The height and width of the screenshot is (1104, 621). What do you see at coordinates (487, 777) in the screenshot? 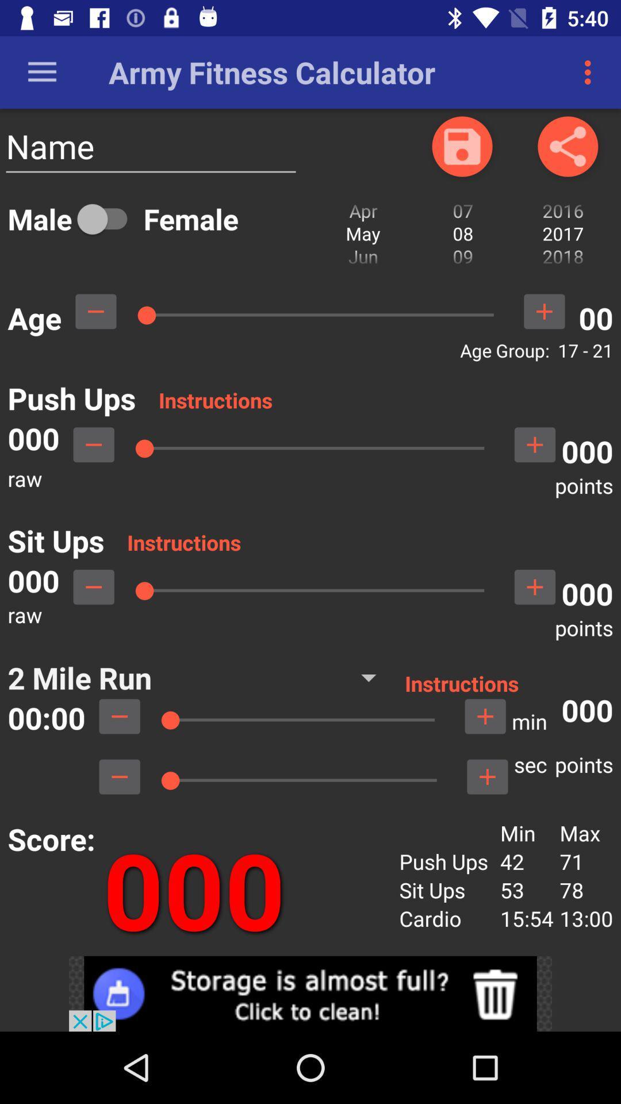
I see `the add icon` at bounding box center [487, 777].